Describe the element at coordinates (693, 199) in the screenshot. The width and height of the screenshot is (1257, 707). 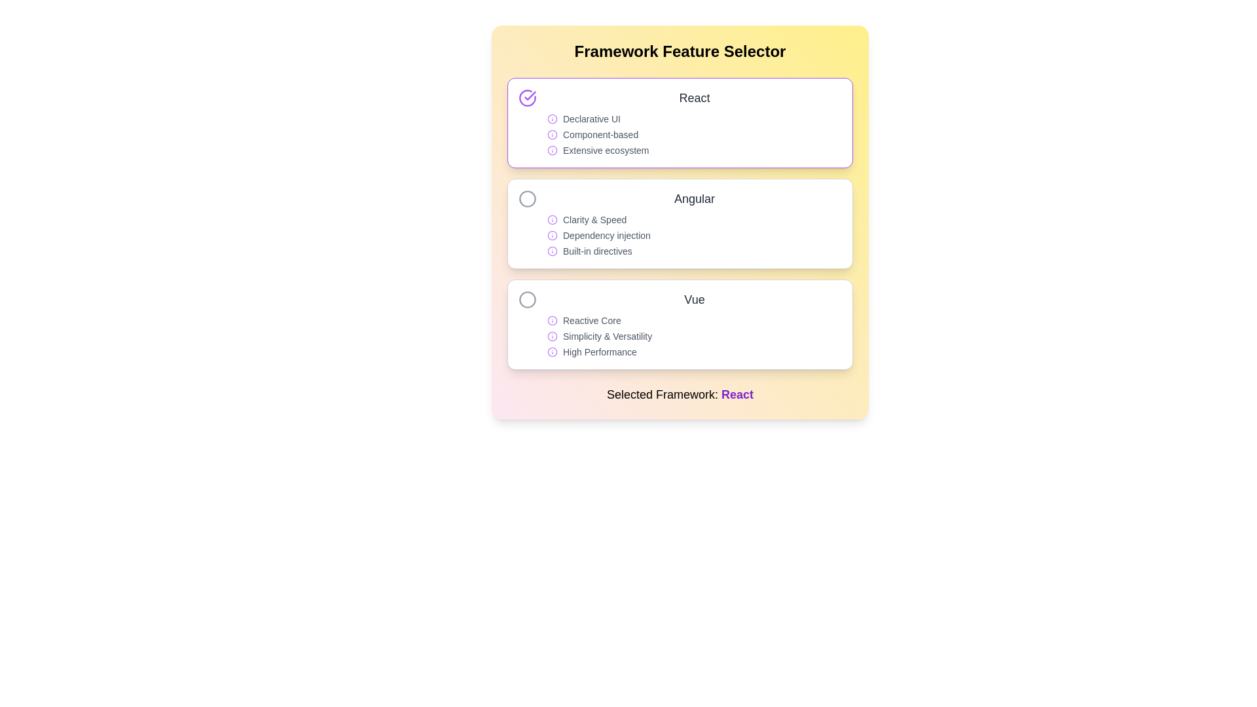
I see `the Text Label that serves as the title for the Angular framework, positioned between the 'React' and 'Vue' sections in the feature selection interface` at that location.